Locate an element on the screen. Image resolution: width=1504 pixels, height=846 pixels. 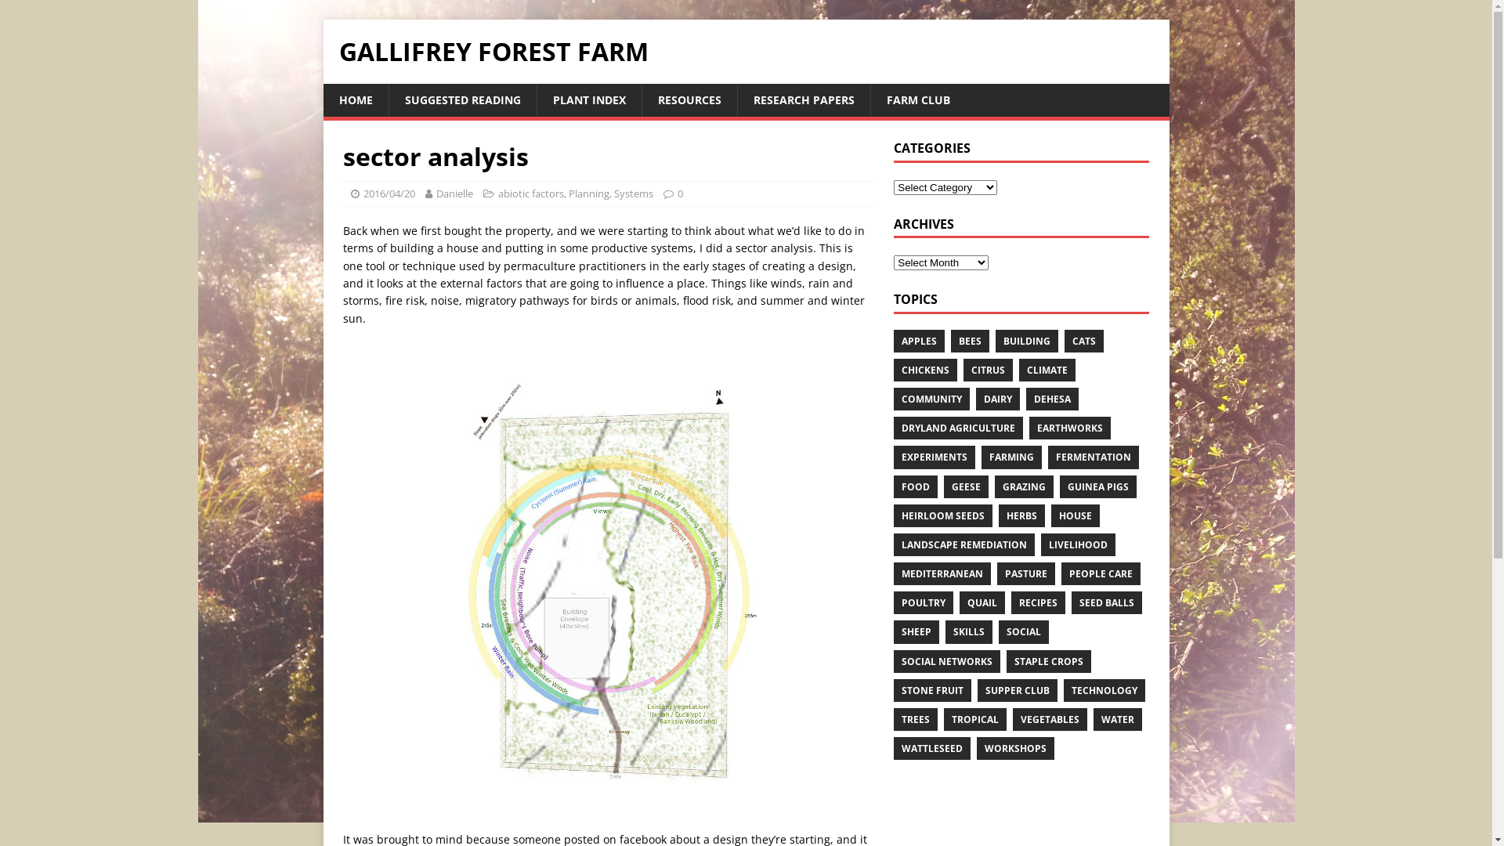
'BUILDING' is located at coordinates (1026, 340).